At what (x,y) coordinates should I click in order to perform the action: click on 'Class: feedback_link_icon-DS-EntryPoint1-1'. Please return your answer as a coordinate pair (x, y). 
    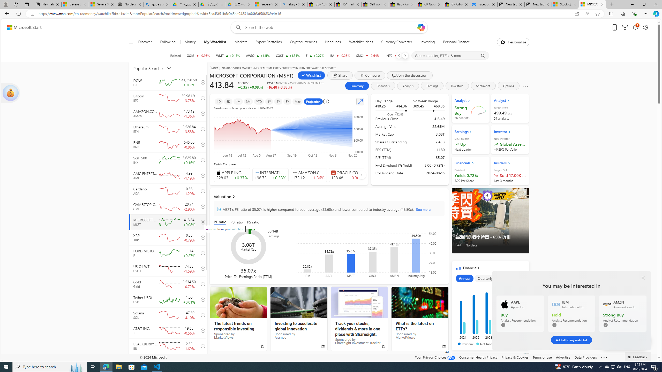
    Looking at the image, I should click on (629, 357).